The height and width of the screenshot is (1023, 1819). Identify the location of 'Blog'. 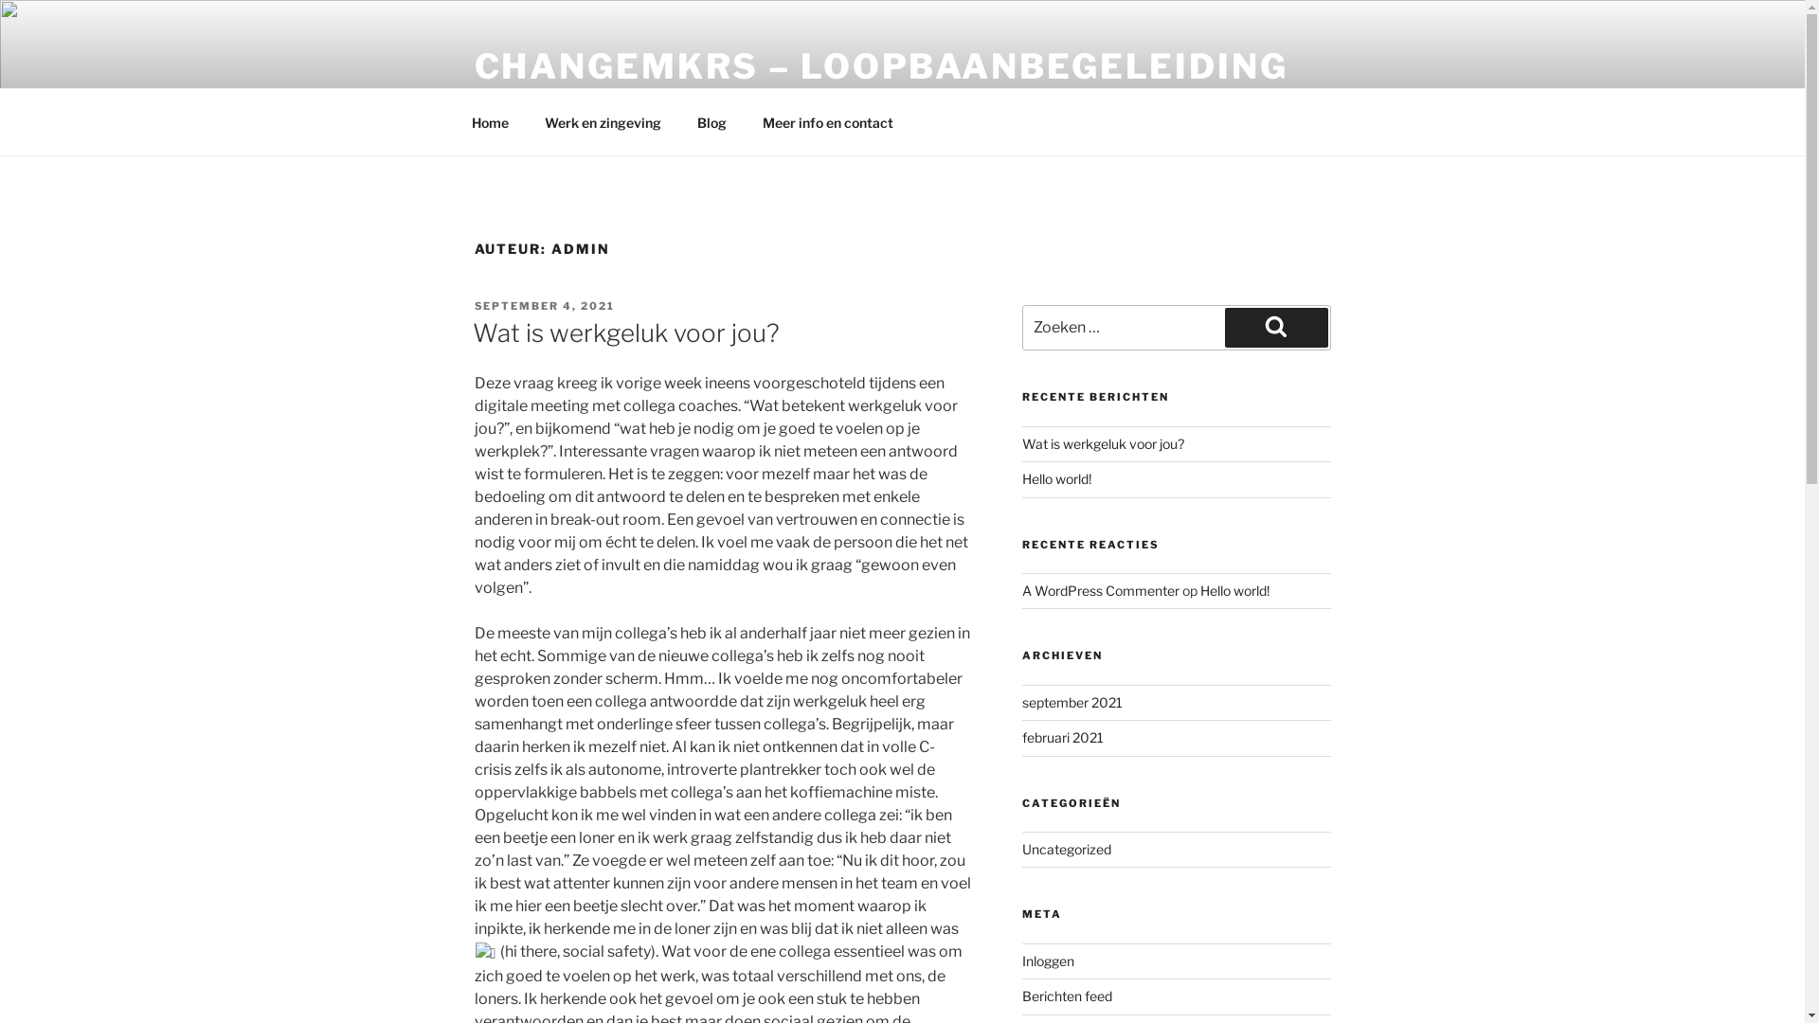
(710, 121).